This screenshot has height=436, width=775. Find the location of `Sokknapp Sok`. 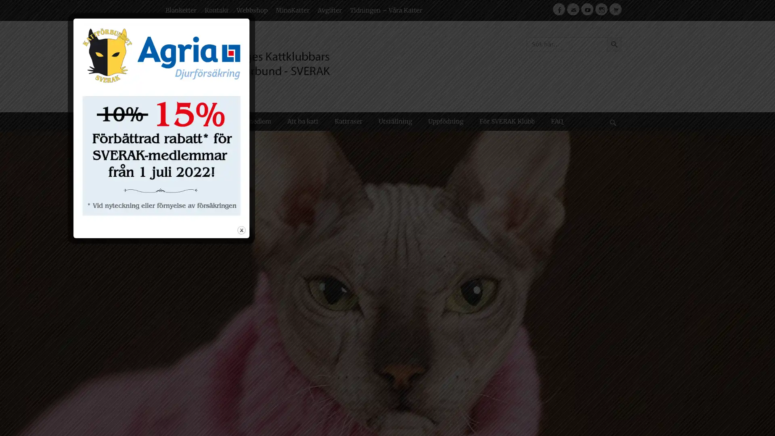

Sokknapp Sok is located at coordinates (614, 44).